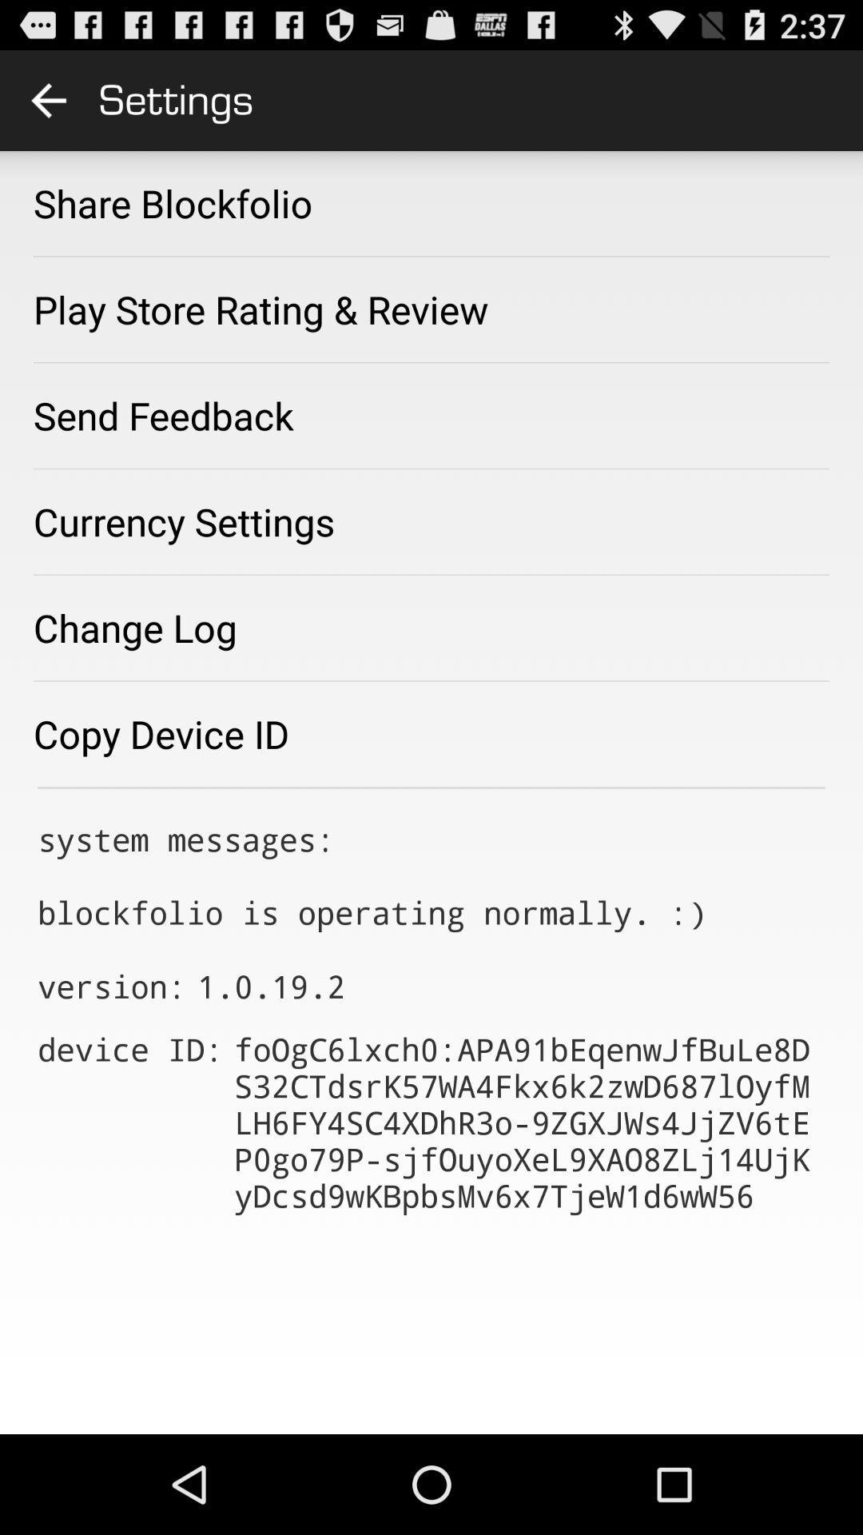 The height and width of the screenshot is (1535, 863). What do you see at coordinates (183, 521) in the screenshot?
I see `the currency settings item` at bounding box center [183, 521].